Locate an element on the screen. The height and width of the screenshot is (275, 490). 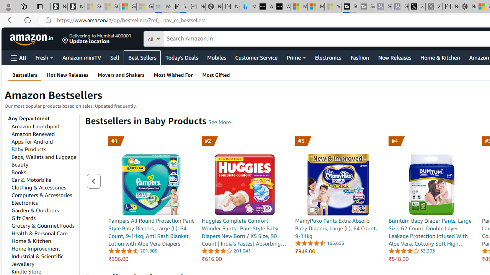
'Amazon miniTV' is located at coordinates (82, 57).